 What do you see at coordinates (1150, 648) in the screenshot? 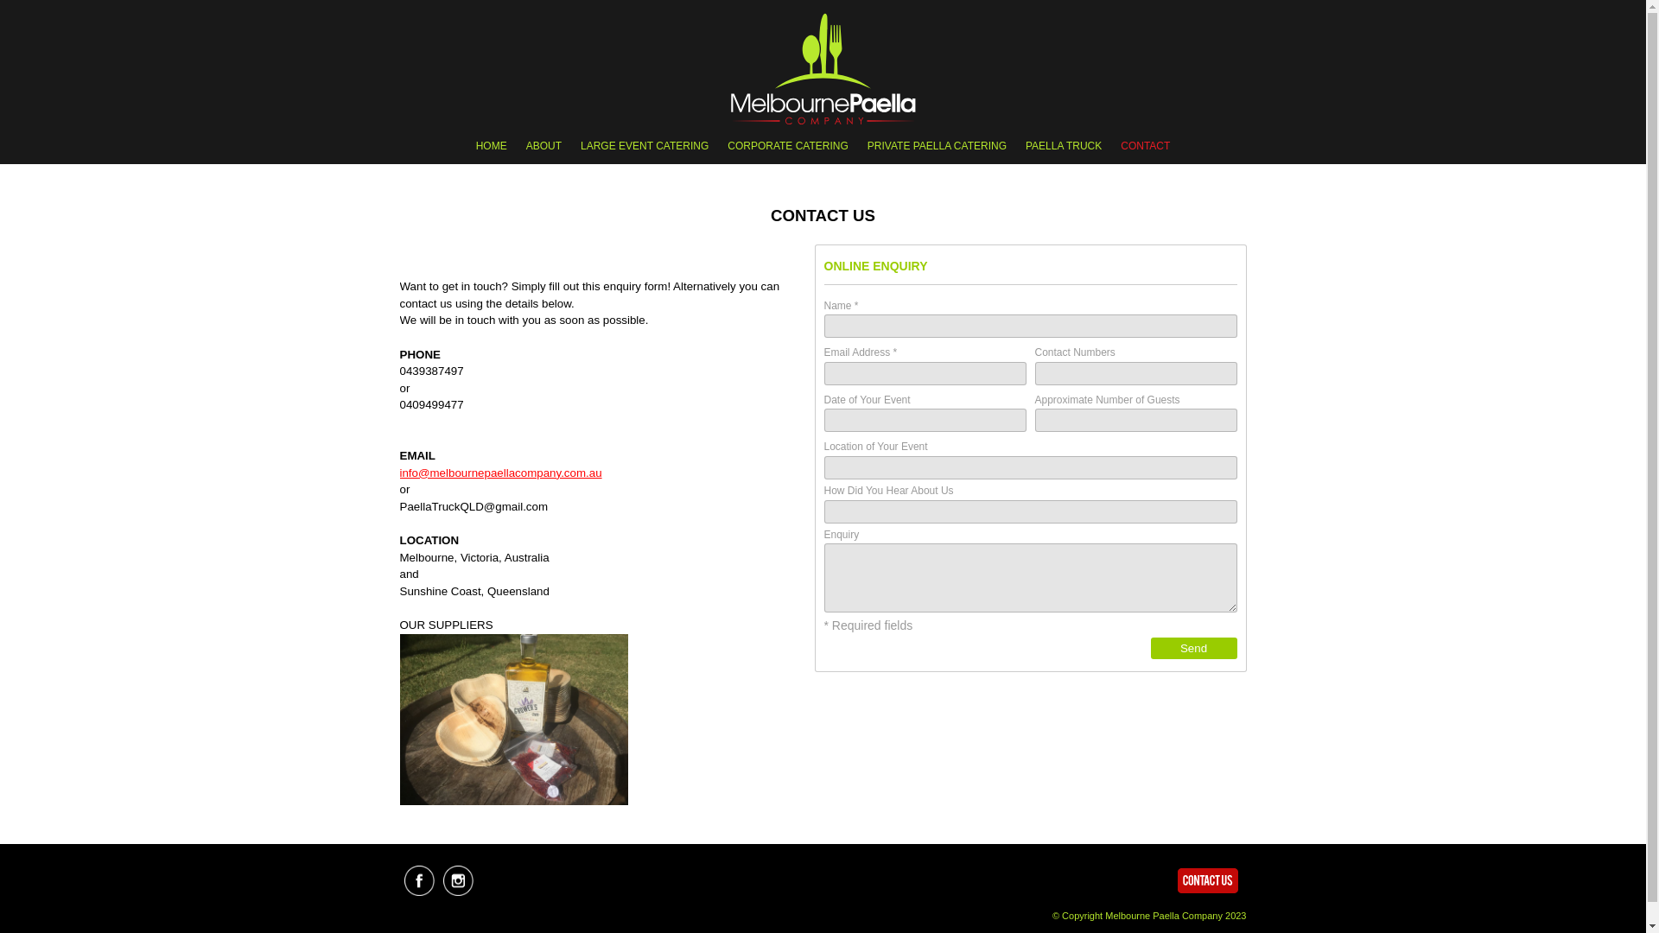
I see `'Send'` at bounding box center [1150, 648].